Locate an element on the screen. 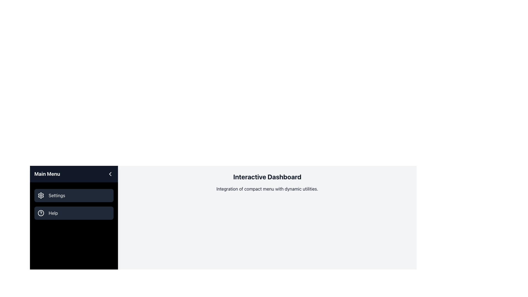 The image size is (528, 297). the leftward-pointing chevron arrow icon located within the SVG component is located at coordinates (110, 174).